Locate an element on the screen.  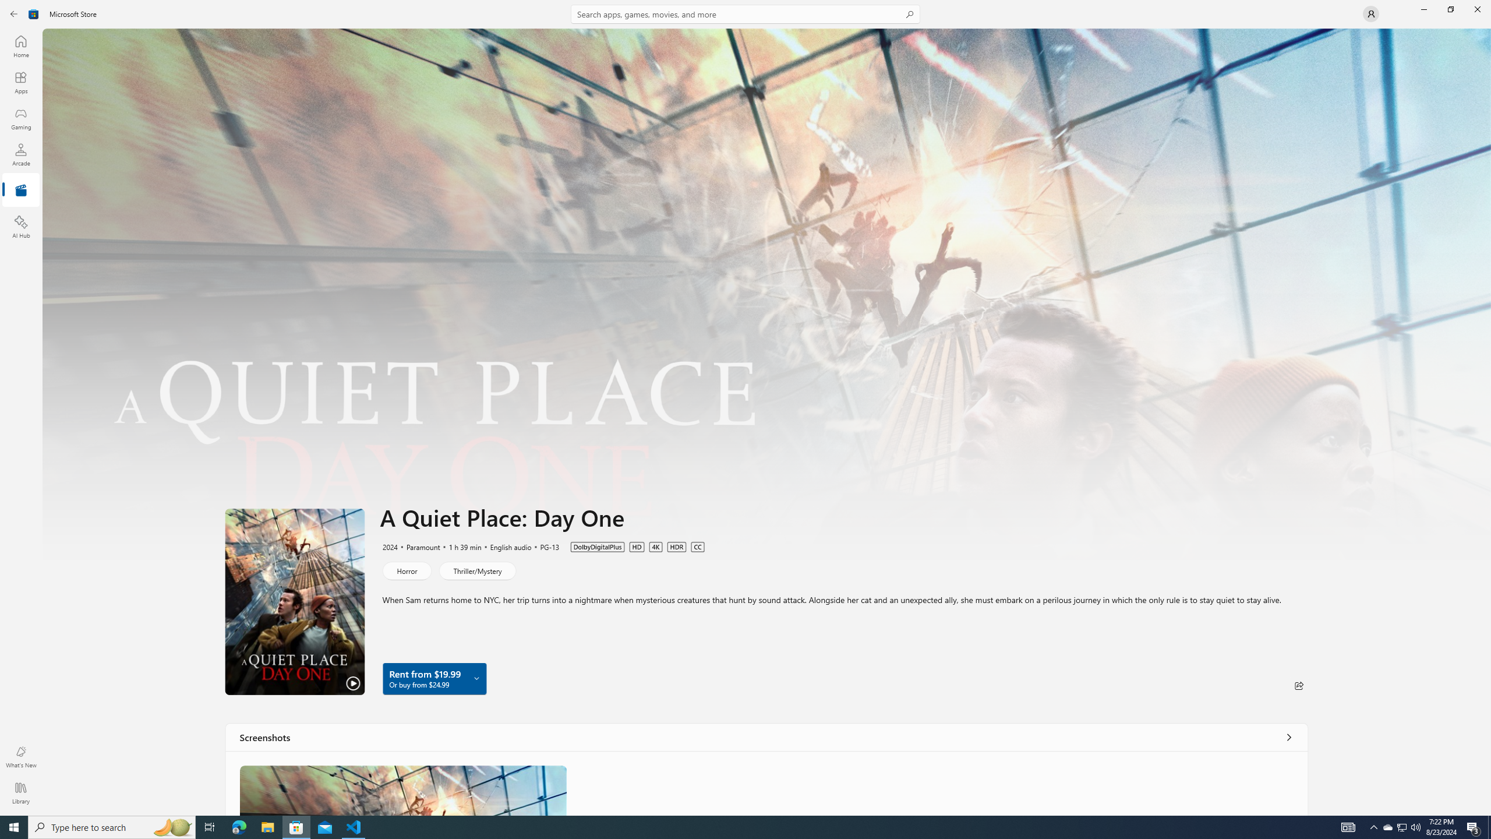
'Apps' is located at coordinates (20, 82).